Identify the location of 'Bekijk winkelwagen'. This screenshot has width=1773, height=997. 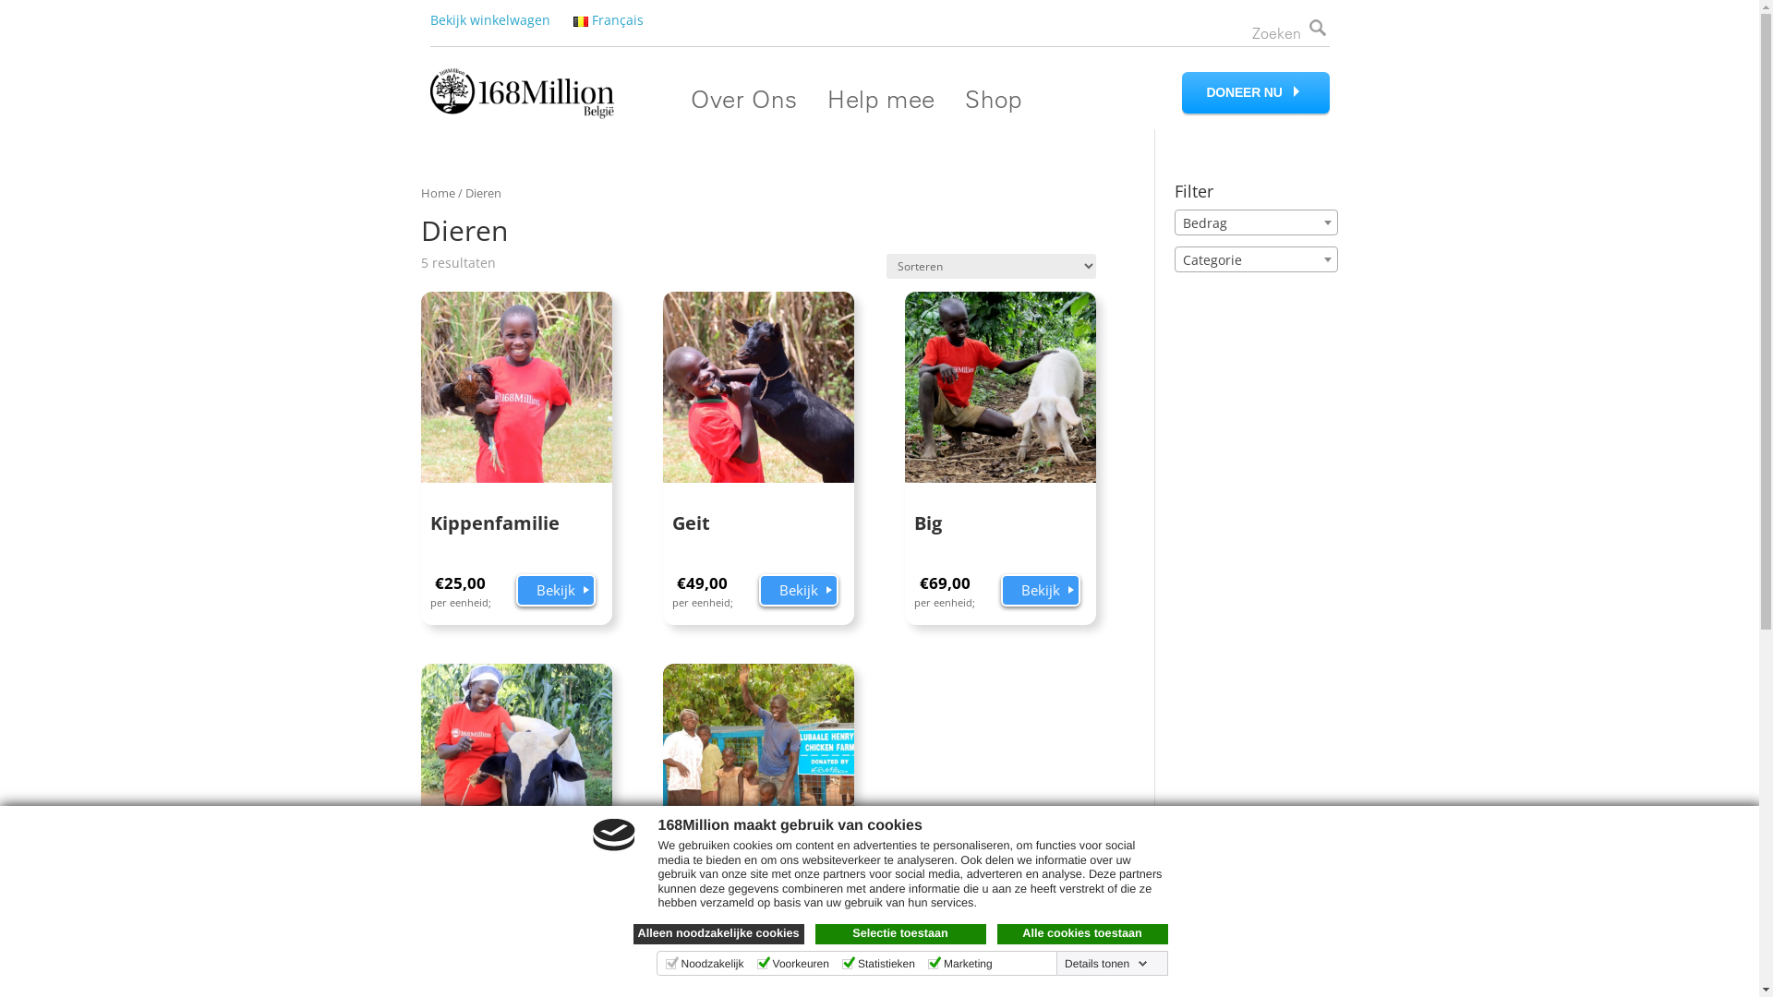
(490, 19).